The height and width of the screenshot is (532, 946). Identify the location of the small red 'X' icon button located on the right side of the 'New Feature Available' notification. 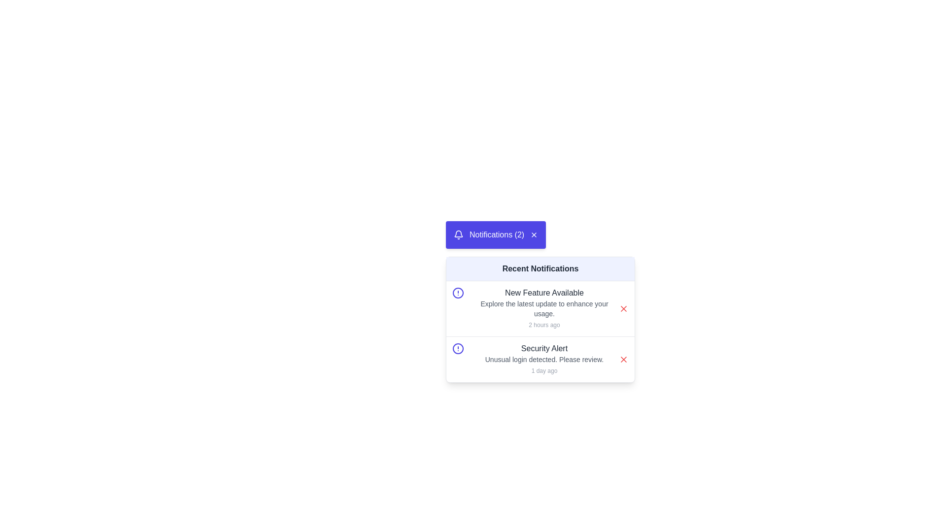
(623, 308).